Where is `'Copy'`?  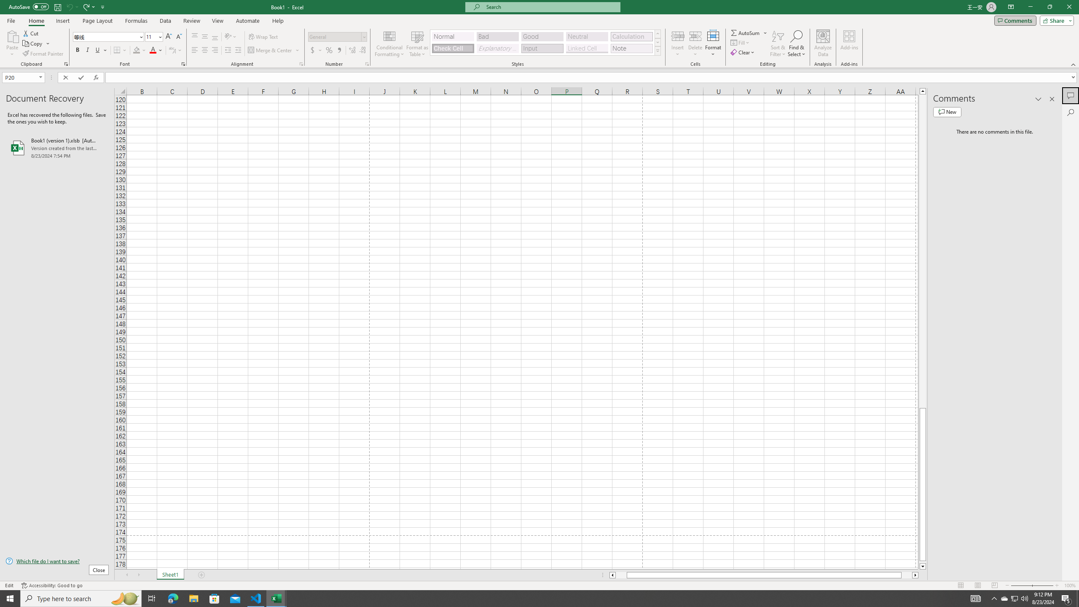 'Copy' is located at coordinates (36, 43).